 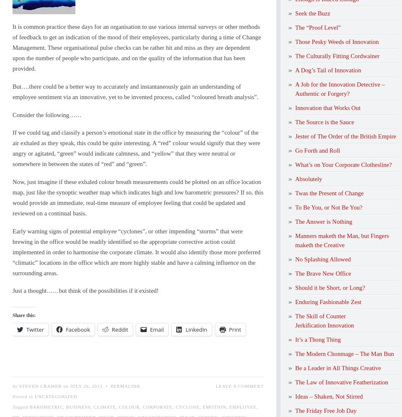 What do you see at coordinates (337, 41) in the screenshot?
I see `'Those Pesky Weeds of Innovation'` at bounding box center [337, 41].